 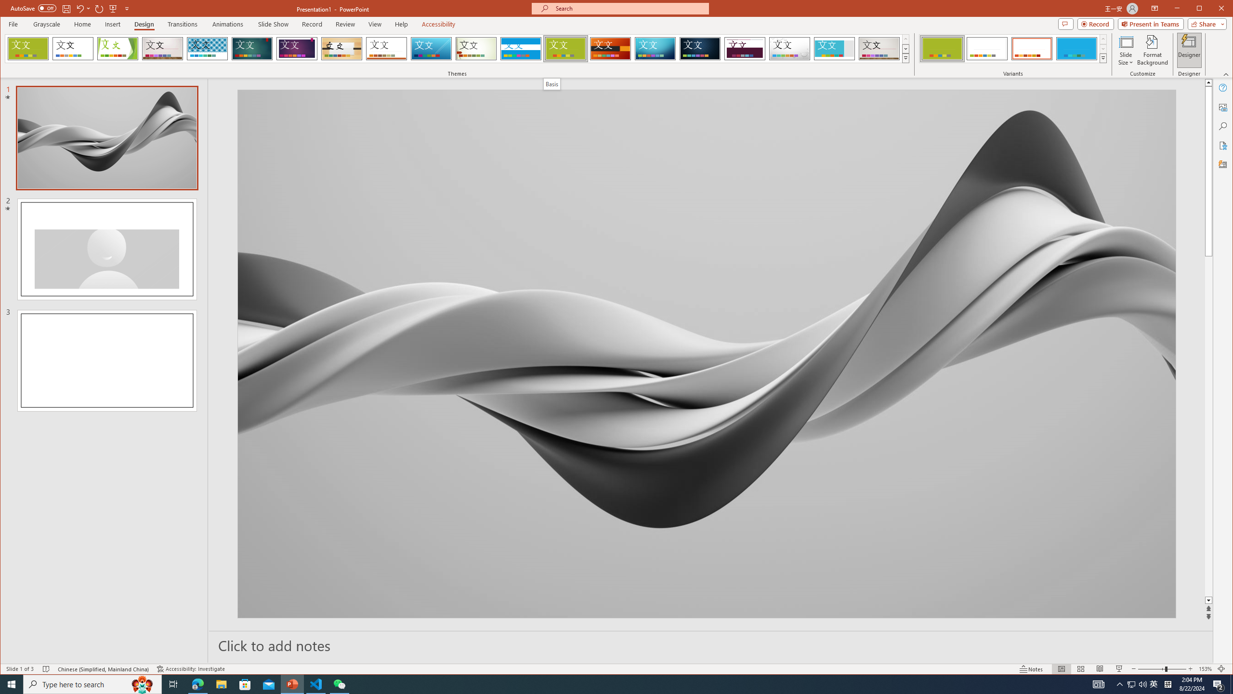 What do you see at coordinates (1076, 48) in the screenshot?
I see `'Basis Variant 4'` at bounding box center [1076, 48].